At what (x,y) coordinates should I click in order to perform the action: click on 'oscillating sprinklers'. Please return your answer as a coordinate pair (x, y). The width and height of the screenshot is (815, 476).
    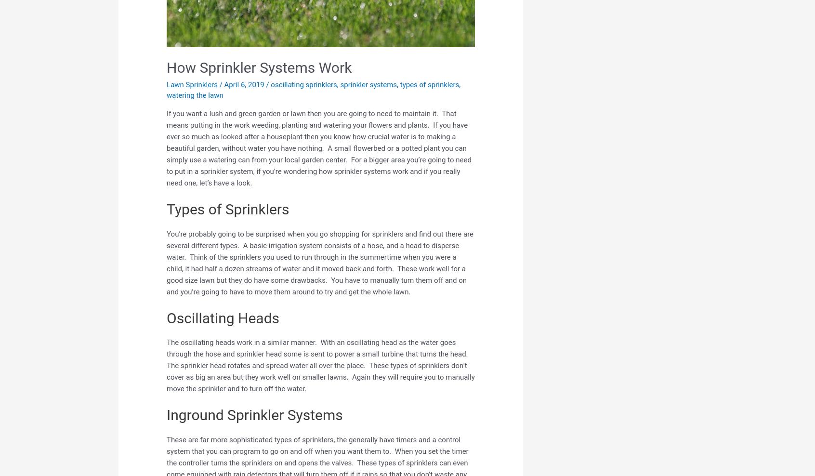
    Looking at the image, I should click on (303, 83).